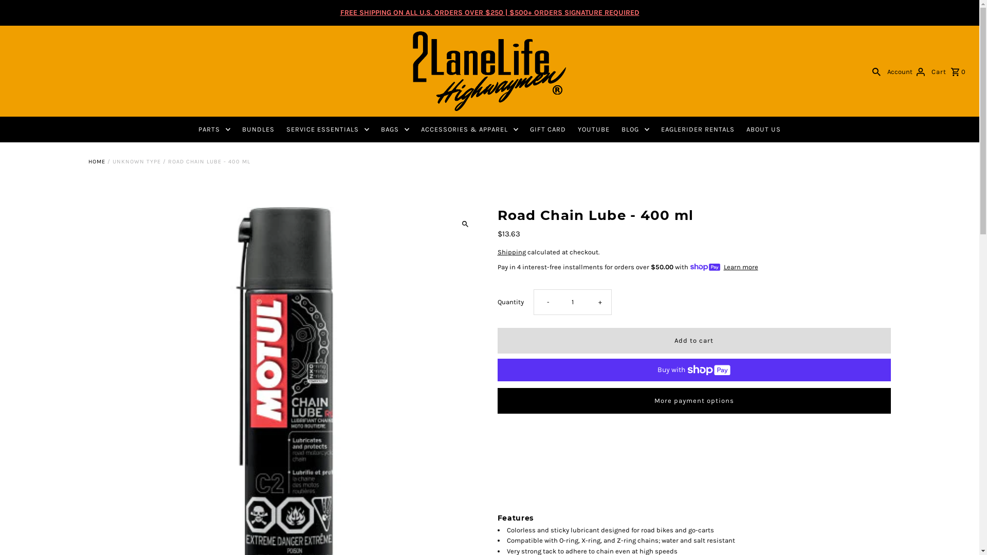 This screenshot has height=555, width=987. I want to click on 'HOME', so click(97, 161).